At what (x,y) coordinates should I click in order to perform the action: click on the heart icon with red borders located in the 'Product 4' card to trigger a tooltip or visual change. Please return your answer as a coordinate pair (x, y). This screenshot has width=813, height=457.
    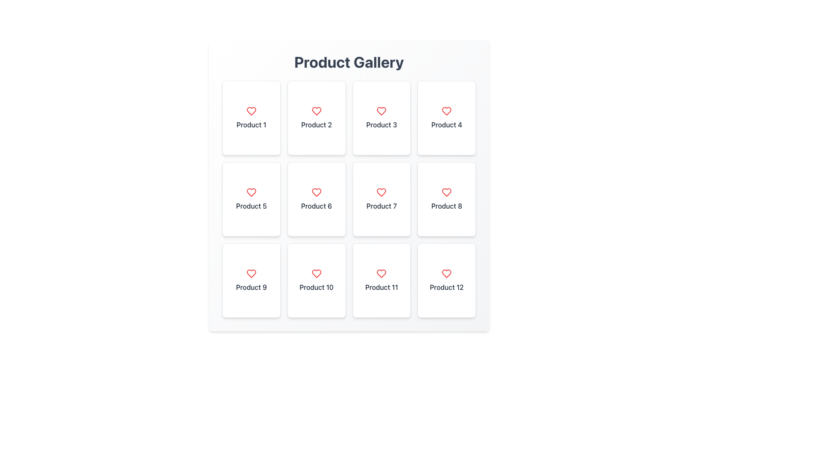
    Looking at the image, I should click on (446, 110).